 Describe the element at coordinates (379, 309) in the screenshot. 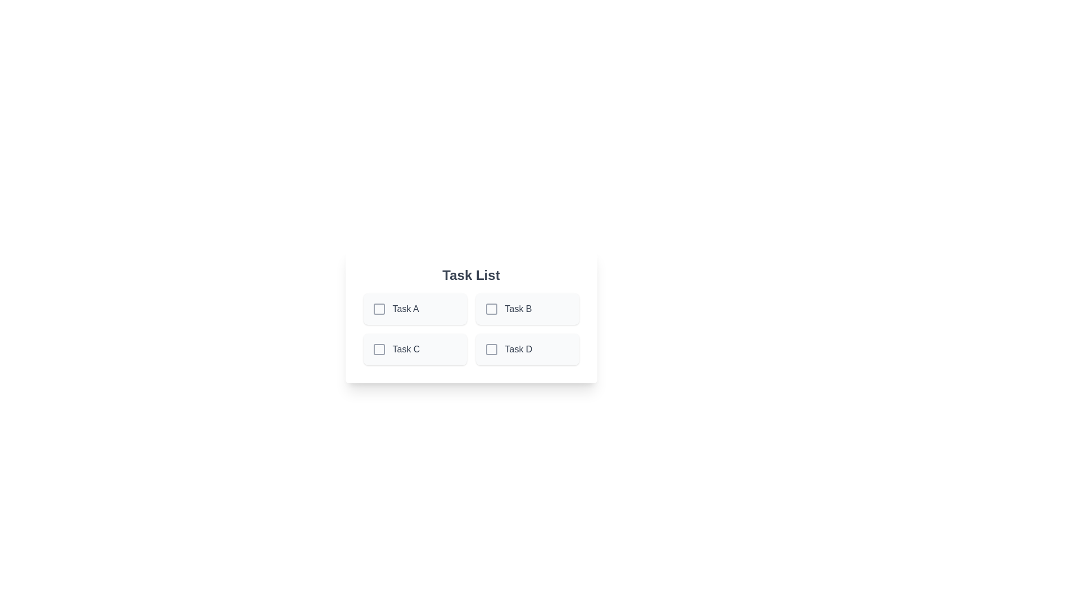

I see `the task Task A by clicking on its checkbox` at that location.